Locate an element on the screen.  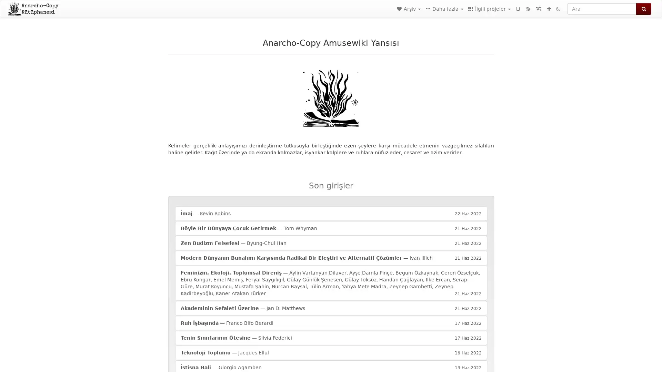
Ara is located at coordinates (643, 9).